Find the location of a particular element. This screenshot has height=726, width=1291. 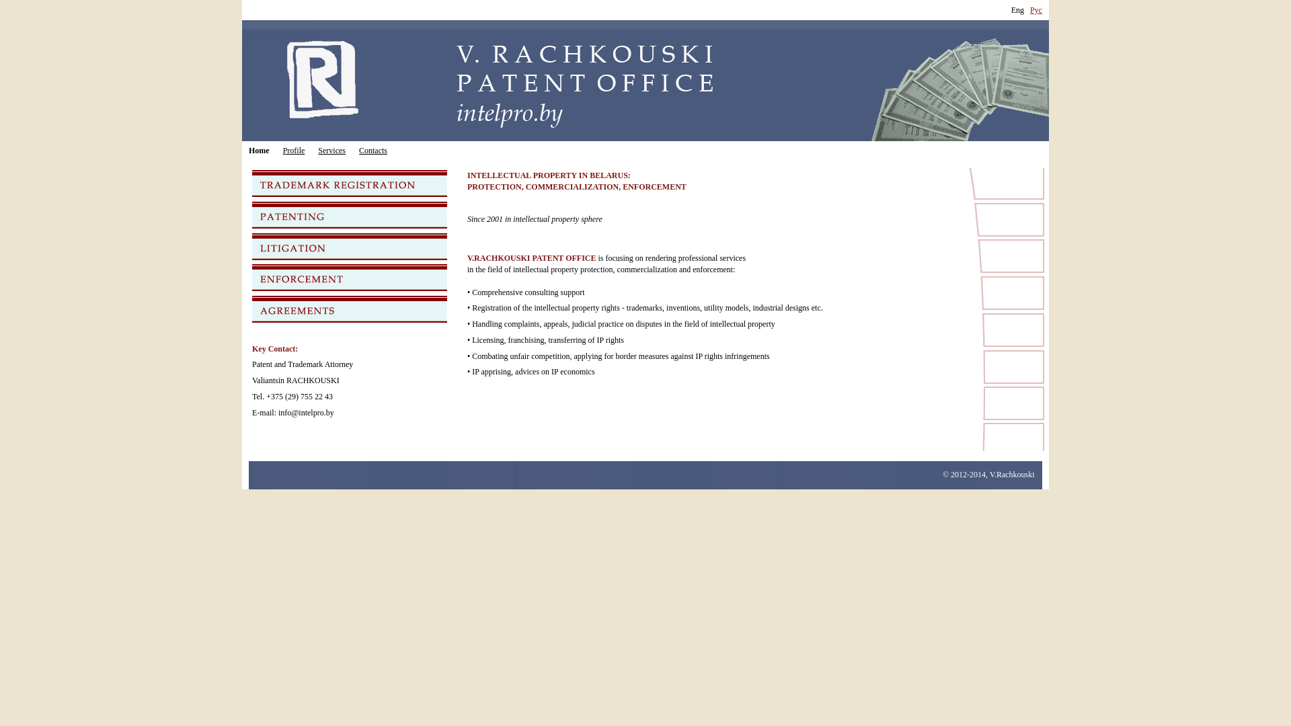

'Home' is located at coordinates (259, 151).